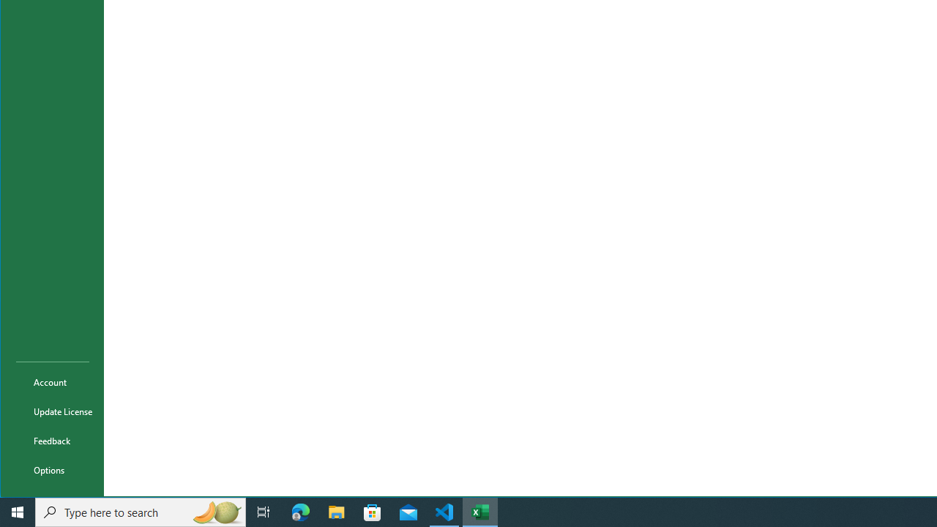  I want to click on 'Visual Studio Code - 1 running window', so click(444, 511).